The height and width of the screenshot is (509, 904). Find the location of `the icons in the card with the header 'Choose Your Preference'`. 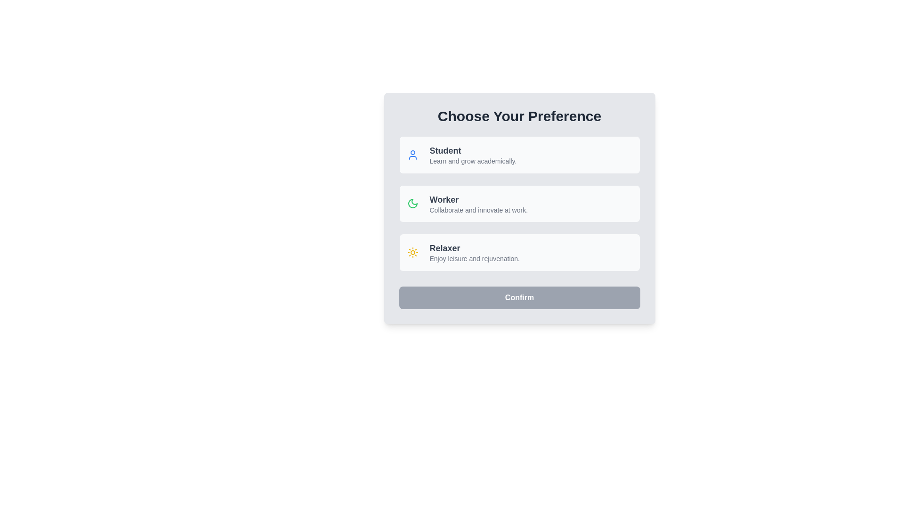

the icons in the card with the header 'Choose Your Preference' is located at coordinates (519, 208).